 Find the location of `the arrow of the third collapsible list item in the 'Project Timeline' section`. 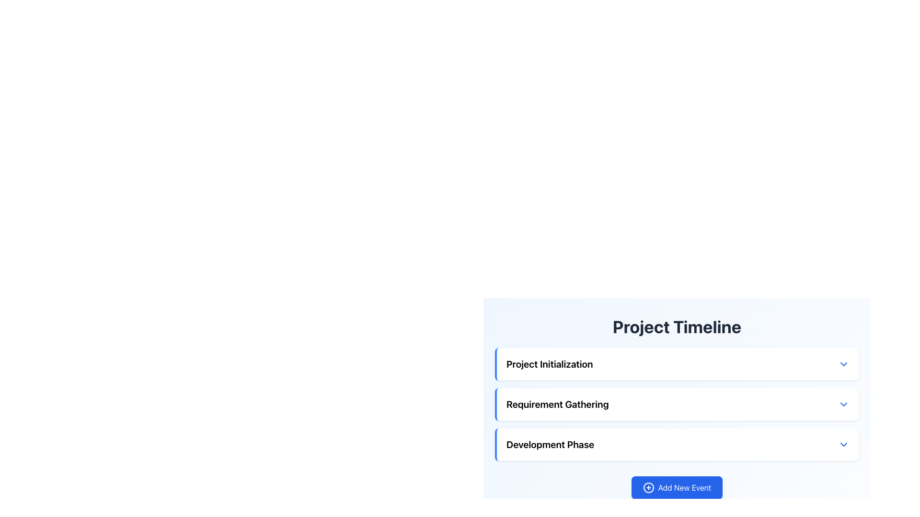

the arrow of the third collapsible list item in the 'Project Timeline' section is located at coordinates (676, 445).